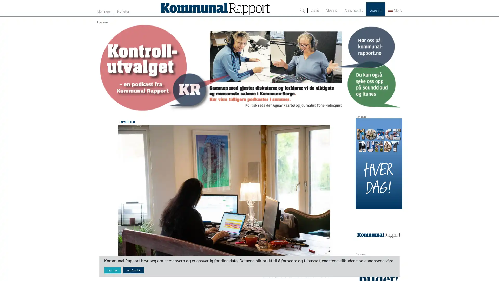  What do you see at coordinates (112, 270) in the screenshot?
I see `Les mer` at bounding box center [112, 270].